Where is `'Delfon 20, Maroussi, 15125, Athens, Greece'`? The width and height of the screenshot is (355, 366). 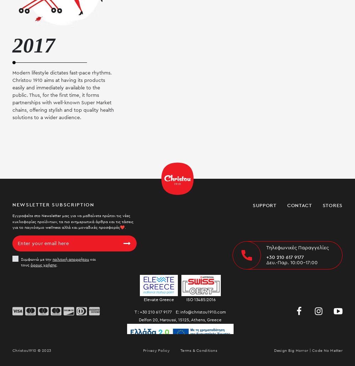 'Delfon 20, Maroussi, 15125, Athens, Greece' is located at coordinates (180, 320).